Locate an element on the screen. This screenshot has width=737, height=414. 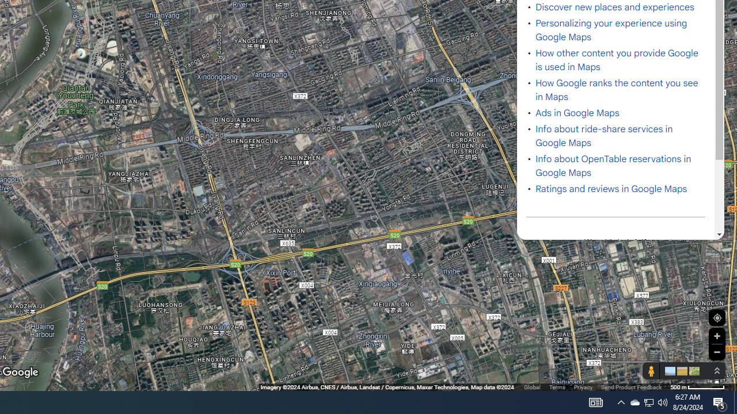
'Info about ride-share services in Google Maps' is located at coordinates (603, 136).